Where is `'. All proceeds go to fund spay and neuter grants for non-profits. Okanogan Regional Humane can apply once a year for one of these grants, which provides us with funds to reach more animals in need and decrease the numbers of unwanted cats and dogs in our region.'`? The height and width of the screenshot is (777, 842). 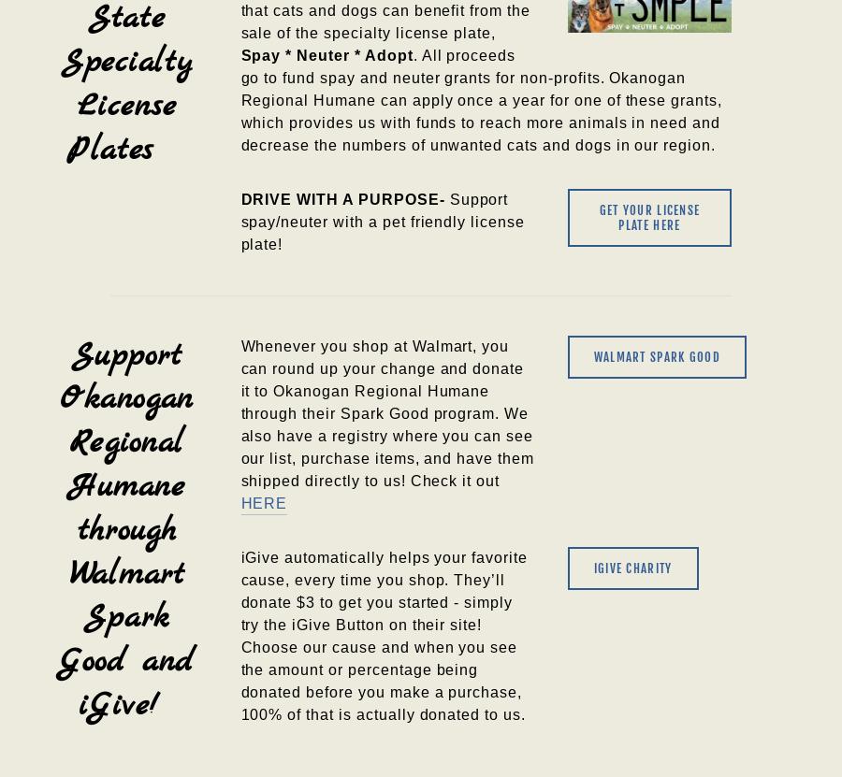
'. All proceeds go to fund spay and neuter grants for non-profits. Okanogan Regional Humane can apply once a year for one of these grants, which provides us with funds to reach more animals in need and decrease the numbers of unwanted cats and dogs in our region.' is located at coordinates (482, 99).